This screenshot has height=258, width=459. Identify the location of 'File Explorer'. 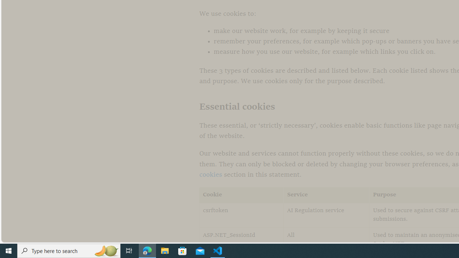
(165, 250).